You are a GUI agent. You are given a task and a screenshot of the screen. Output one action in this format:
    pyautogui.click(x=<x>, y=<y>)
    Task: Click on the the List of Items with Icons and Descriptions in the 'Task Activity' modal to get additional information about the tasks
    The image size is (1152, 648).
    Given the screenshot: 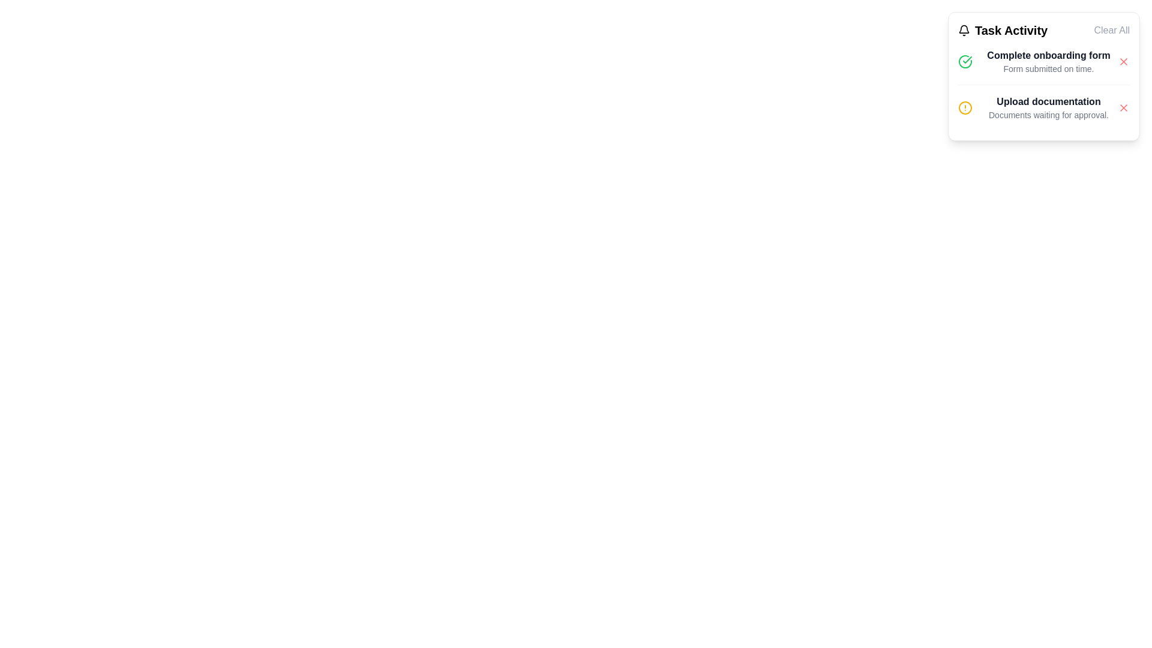 What is the action you would take?
    pyautogui.click(x=1043, y=84)
    